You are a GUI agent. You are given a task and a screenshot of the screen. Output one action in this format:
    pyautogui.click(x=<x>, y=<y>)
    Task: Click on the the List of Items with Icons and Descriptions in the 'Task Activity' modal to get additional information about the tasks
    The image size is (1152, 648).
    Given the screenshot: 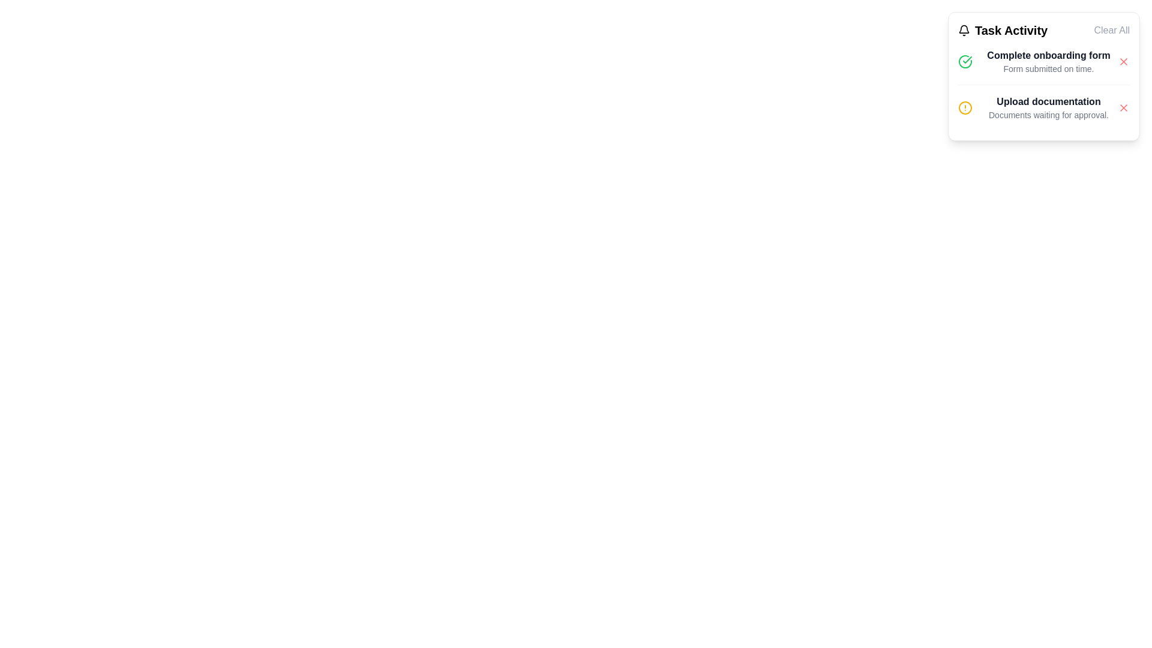 What is the action you would take?
    pyautogui.click(x=1043, y=84)
    